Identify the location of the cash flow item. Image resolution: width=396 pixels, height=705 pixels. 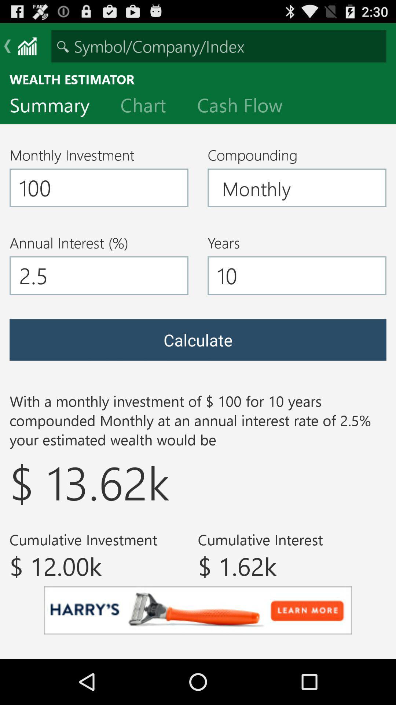
(246, 106).